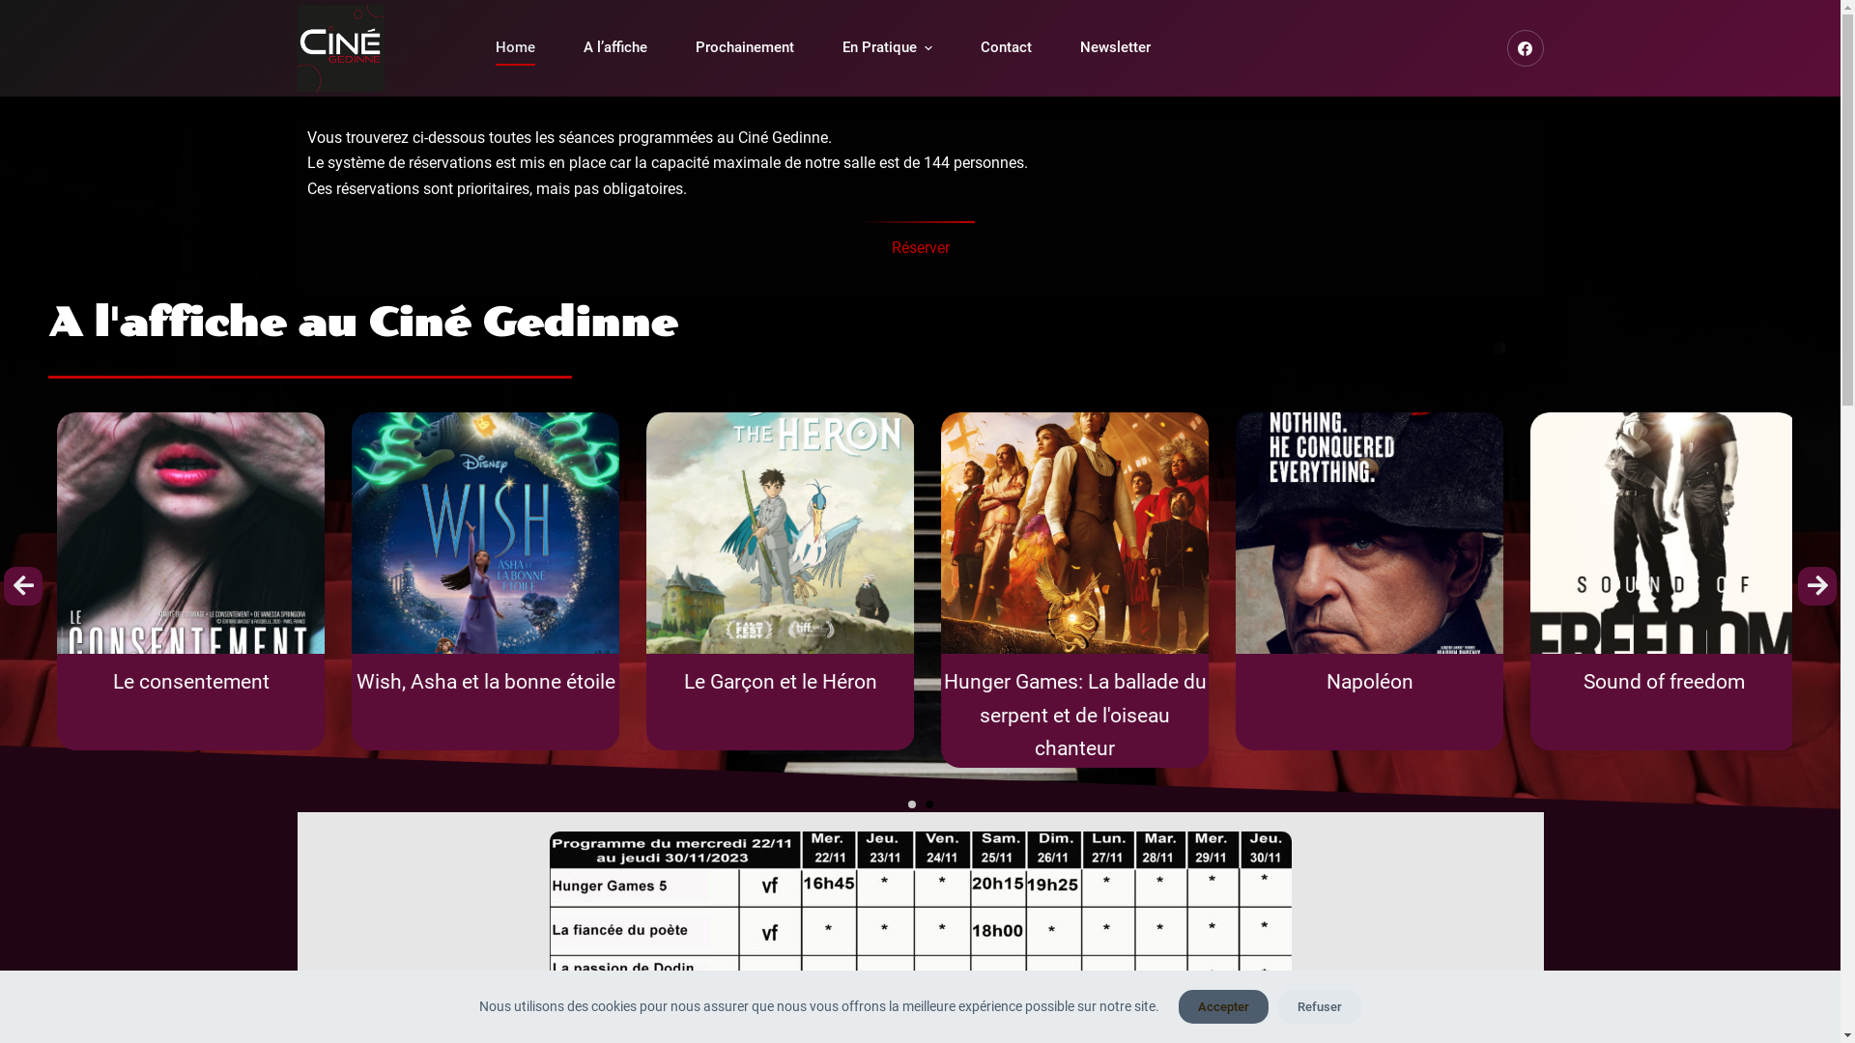  Describe the element at coordinates (515, 46) in the screenshot. I see `'Home'` at that location.